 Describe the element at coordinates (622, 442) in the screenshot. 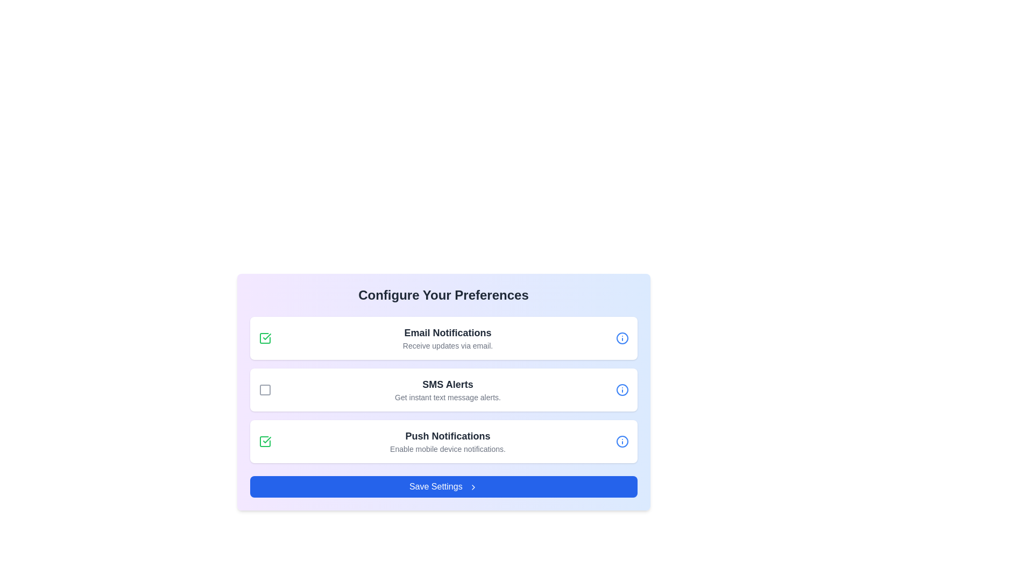

I see `the circular icon indicating additional options for the 'Push Notifications' feature` at that location.